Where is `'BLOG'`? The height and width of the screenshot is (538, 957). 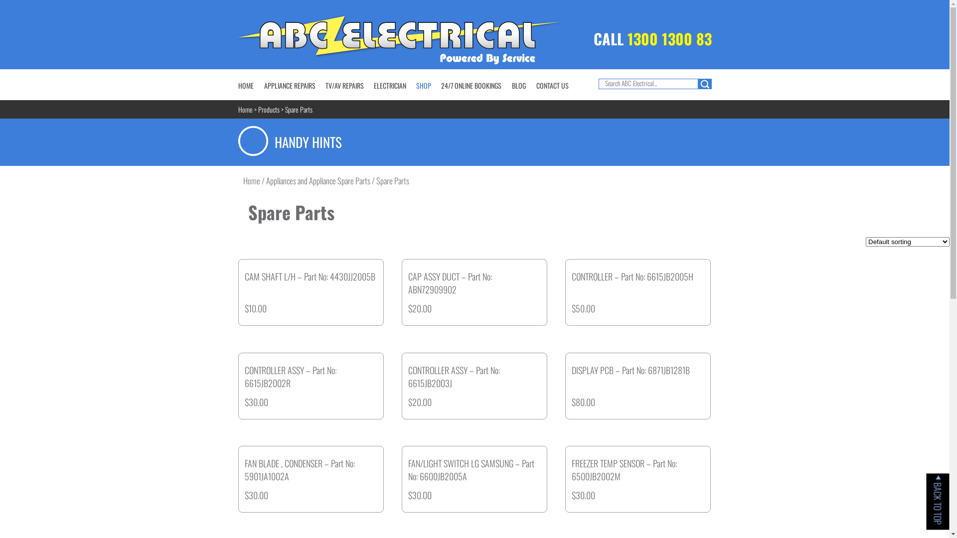
'BLOG' is located at coordinates (518, 85).